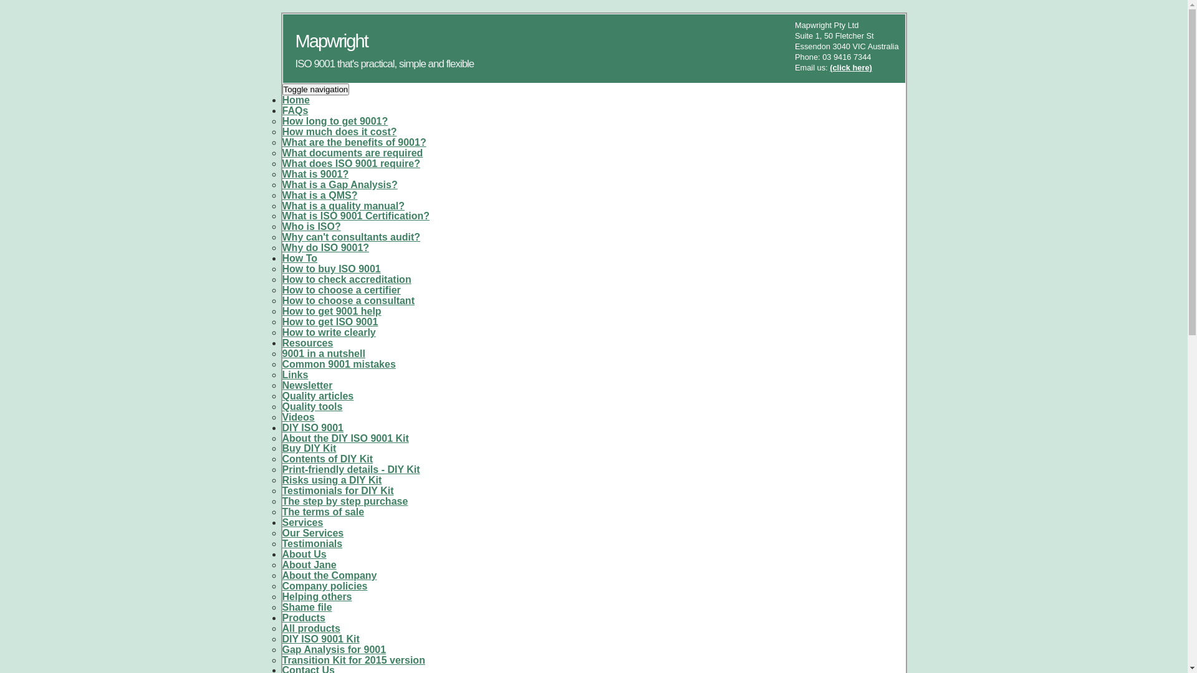  What do you see at coordinates (320, 639) in the screenshot?
I see `'DIY ISO 9001 Kit'` at bounding box center [320, 639].